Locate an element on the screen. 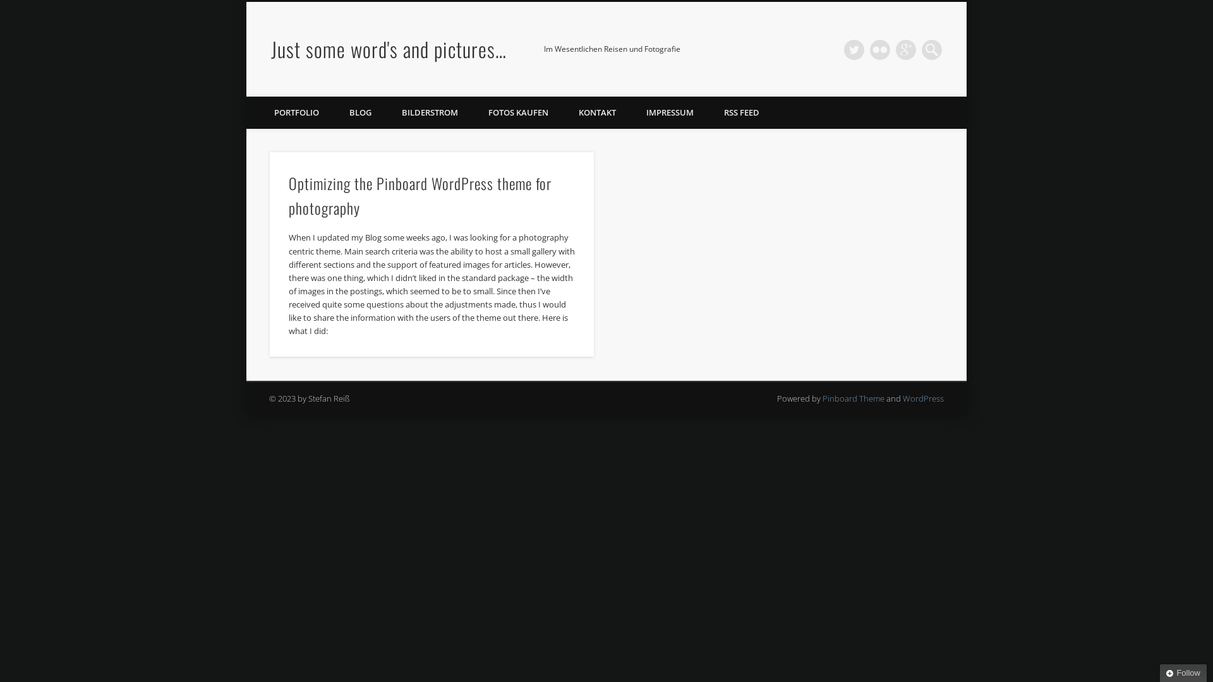 Image resolution: width=1213 pixels, height=682 pixels. 'IMPRESSUM' is located at coordinates (631, 112).